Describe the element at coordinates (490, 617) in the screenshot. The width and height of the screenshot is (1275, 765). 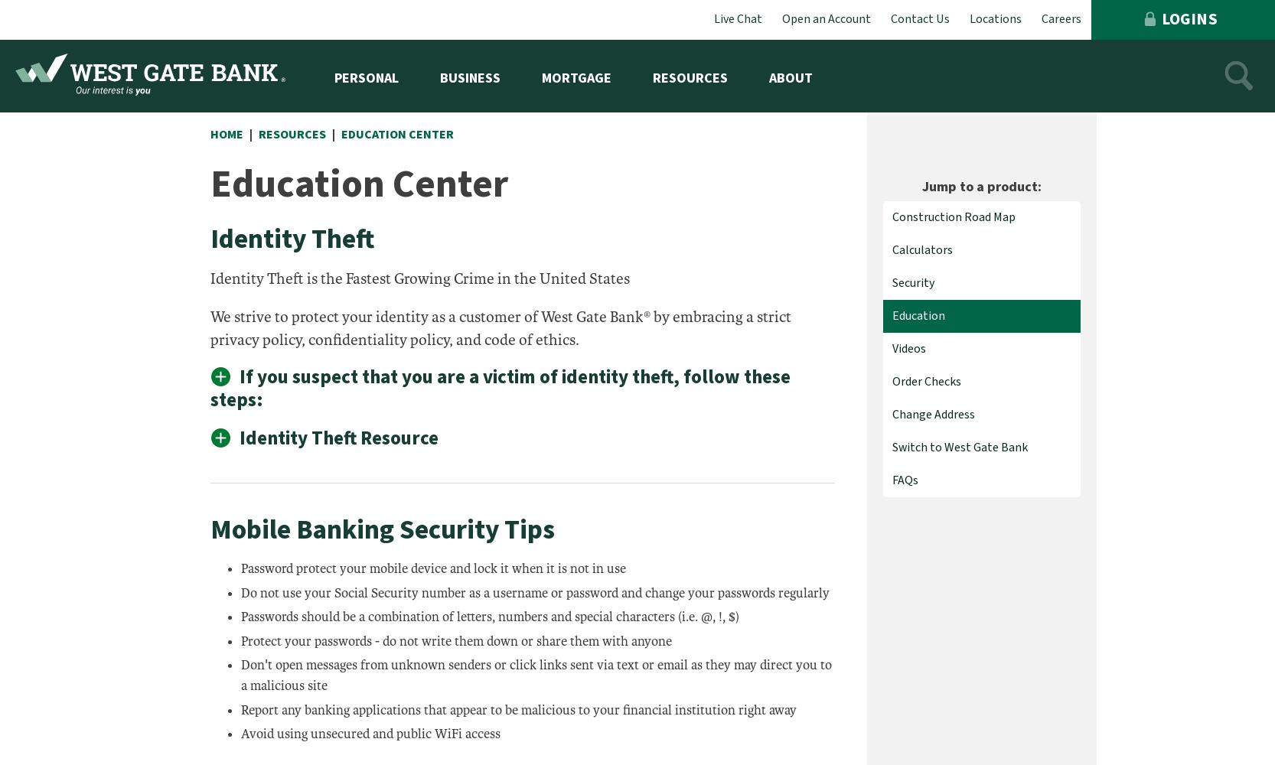
I see `'Passwords should be a combination of letters, numbers and special characters (i.e. @, !, $)'` at that location.